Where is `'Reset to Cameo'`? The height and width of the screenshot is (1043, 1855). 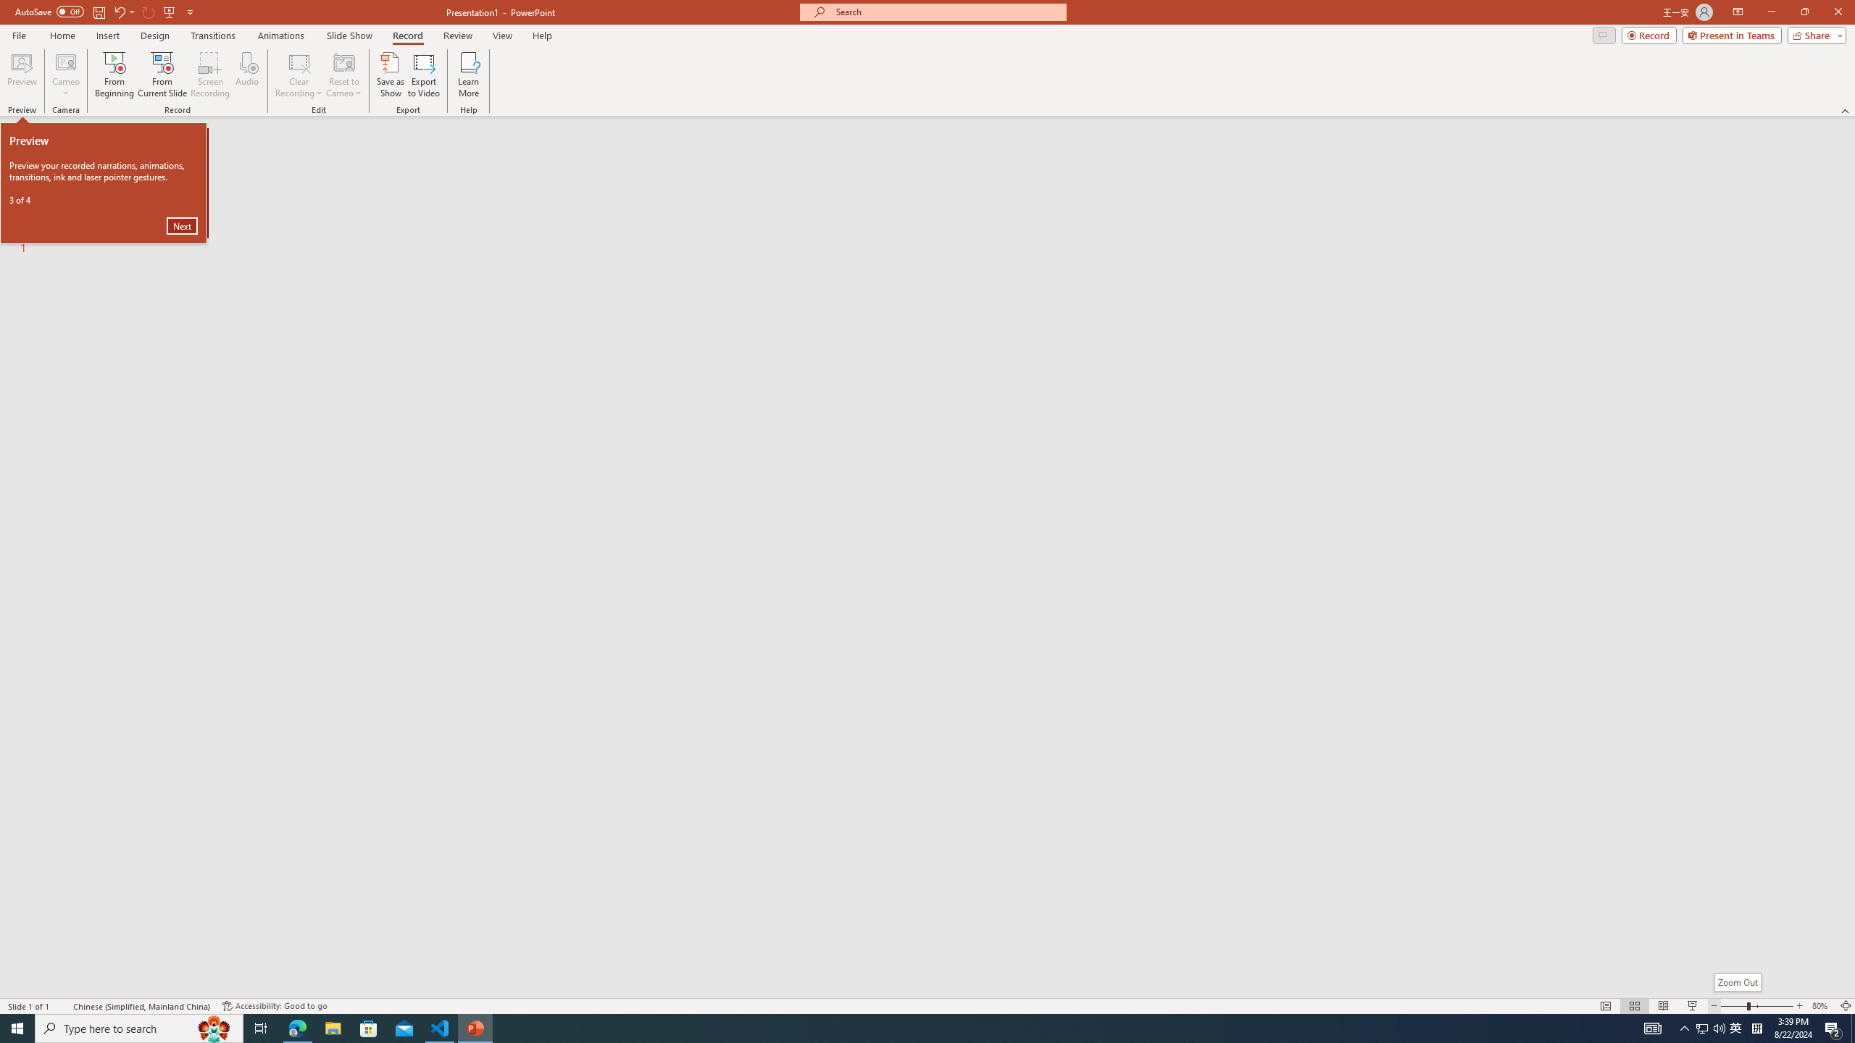 'Reset to Cameo' is located at coordinates (343, 75).